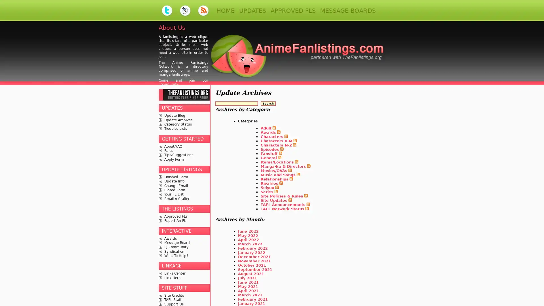  Describe the element at coordinates (268, 103) in the screenshot. I see `Search` at that location.